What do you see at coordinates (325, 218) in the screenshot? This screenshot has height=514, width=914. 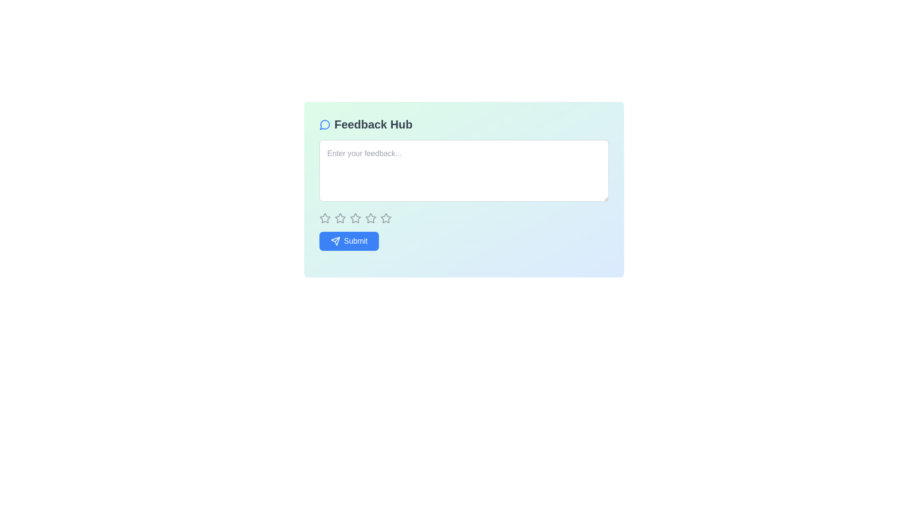 I see `the first star icon in the horizontal group of 5 rating stars` at bounding box center [325, 218].